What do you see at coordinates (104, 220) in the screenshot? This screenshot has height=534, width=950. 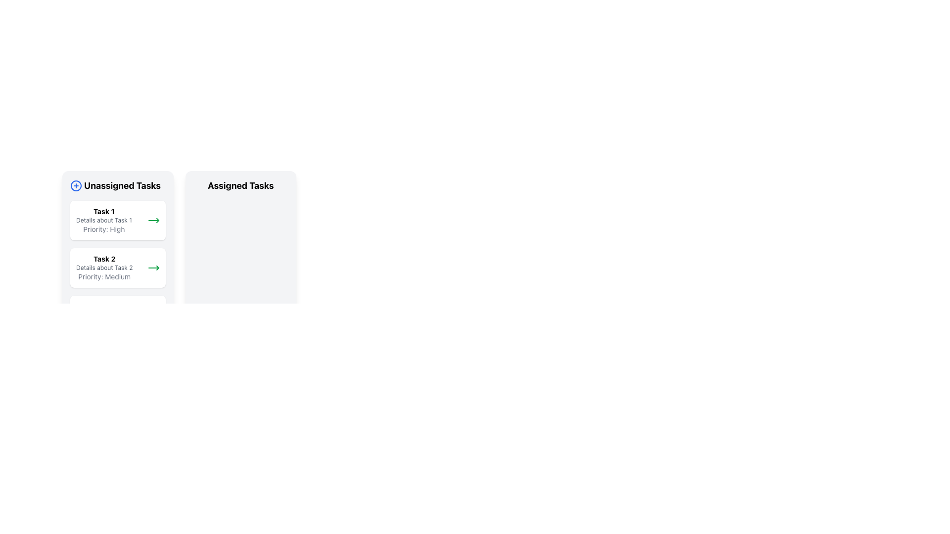 I see `the Text Label that reads 'Details about Task 1', which is positioned below the bolded 'Task 1' label and above the priority information in the task card` at bounding box center [104, 220].